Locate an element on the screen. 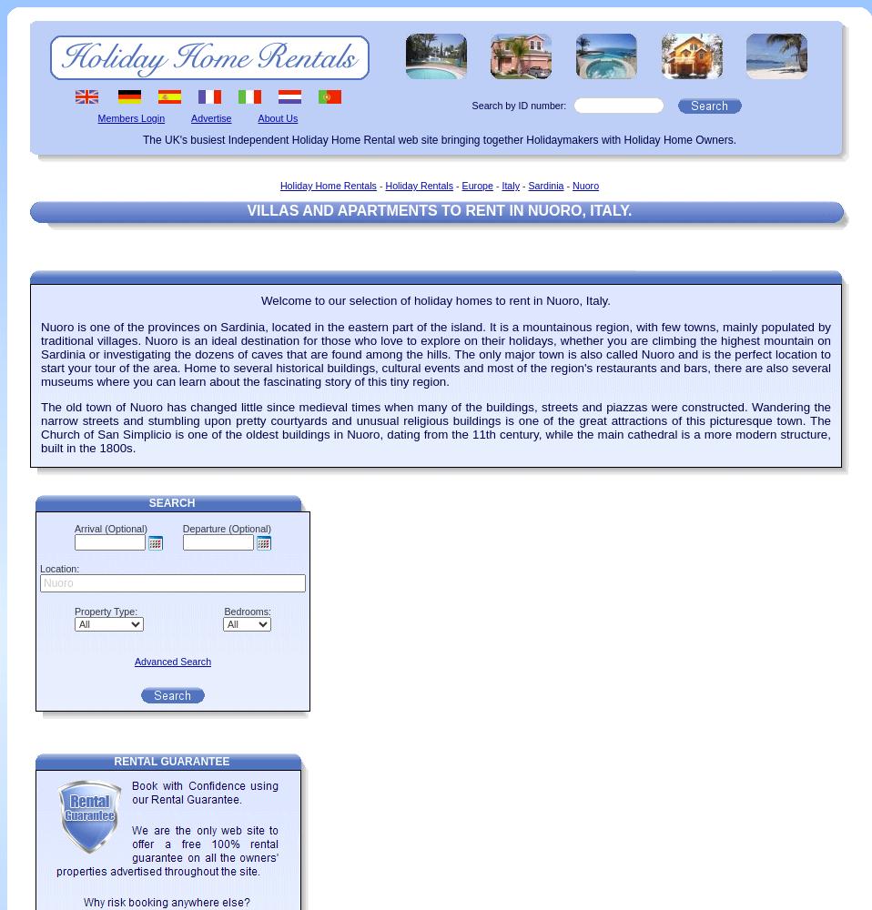  'Advanced Search' is located at coordinates (171, 661).